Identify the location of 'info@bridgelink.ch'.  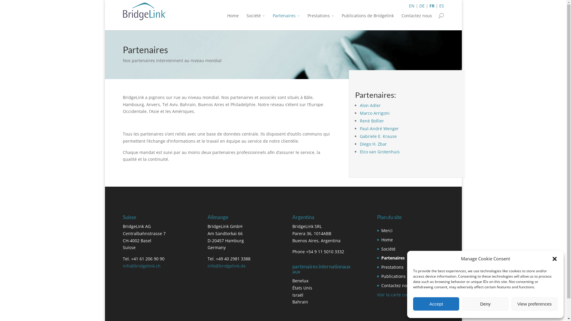
(141, 265).